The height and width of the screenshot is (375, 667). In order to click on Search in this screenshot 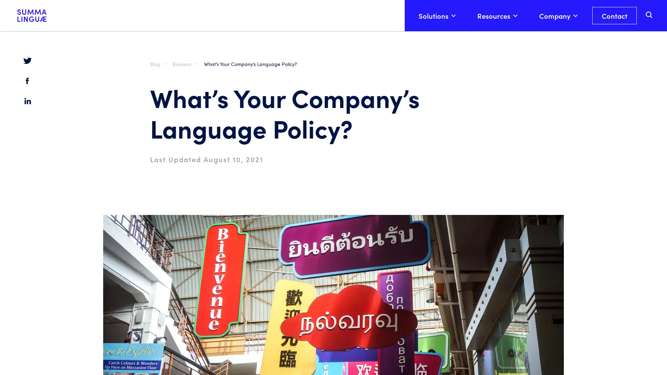, I will do `click(650, 14)`.